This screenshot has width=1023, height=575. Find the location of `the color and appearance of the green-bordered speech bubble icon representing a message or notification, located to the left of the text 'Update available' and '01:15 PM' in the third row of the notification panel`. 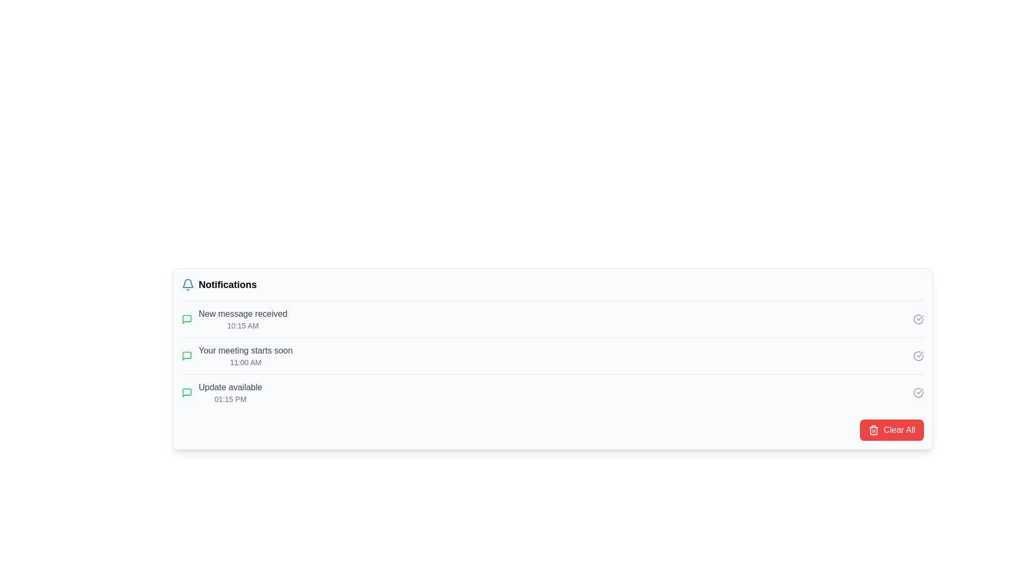

the color and appearance of the green-bordered speech bubble icon representing a message or notification, located to the left of the text 'Update available' and '01:15 PM' in the third row of the notification panel is located at coordinates (186, 392).